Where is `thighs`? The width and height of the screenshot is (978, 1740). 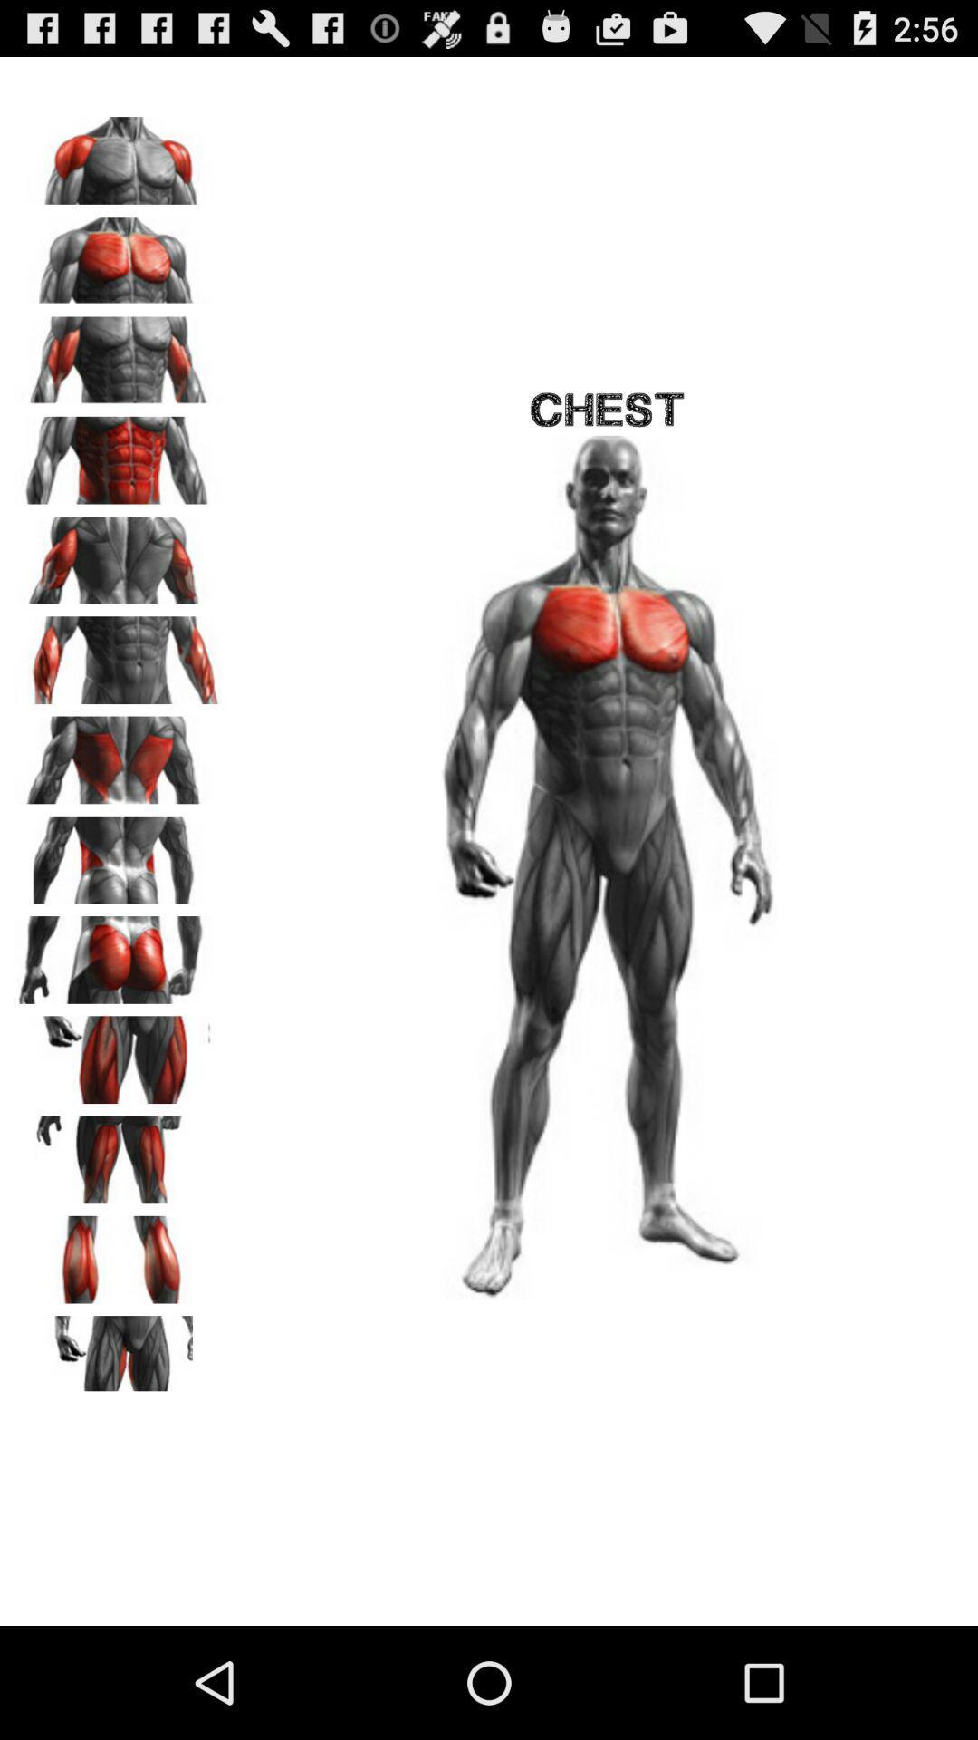
thighs is located at coordinates (119, 1053).